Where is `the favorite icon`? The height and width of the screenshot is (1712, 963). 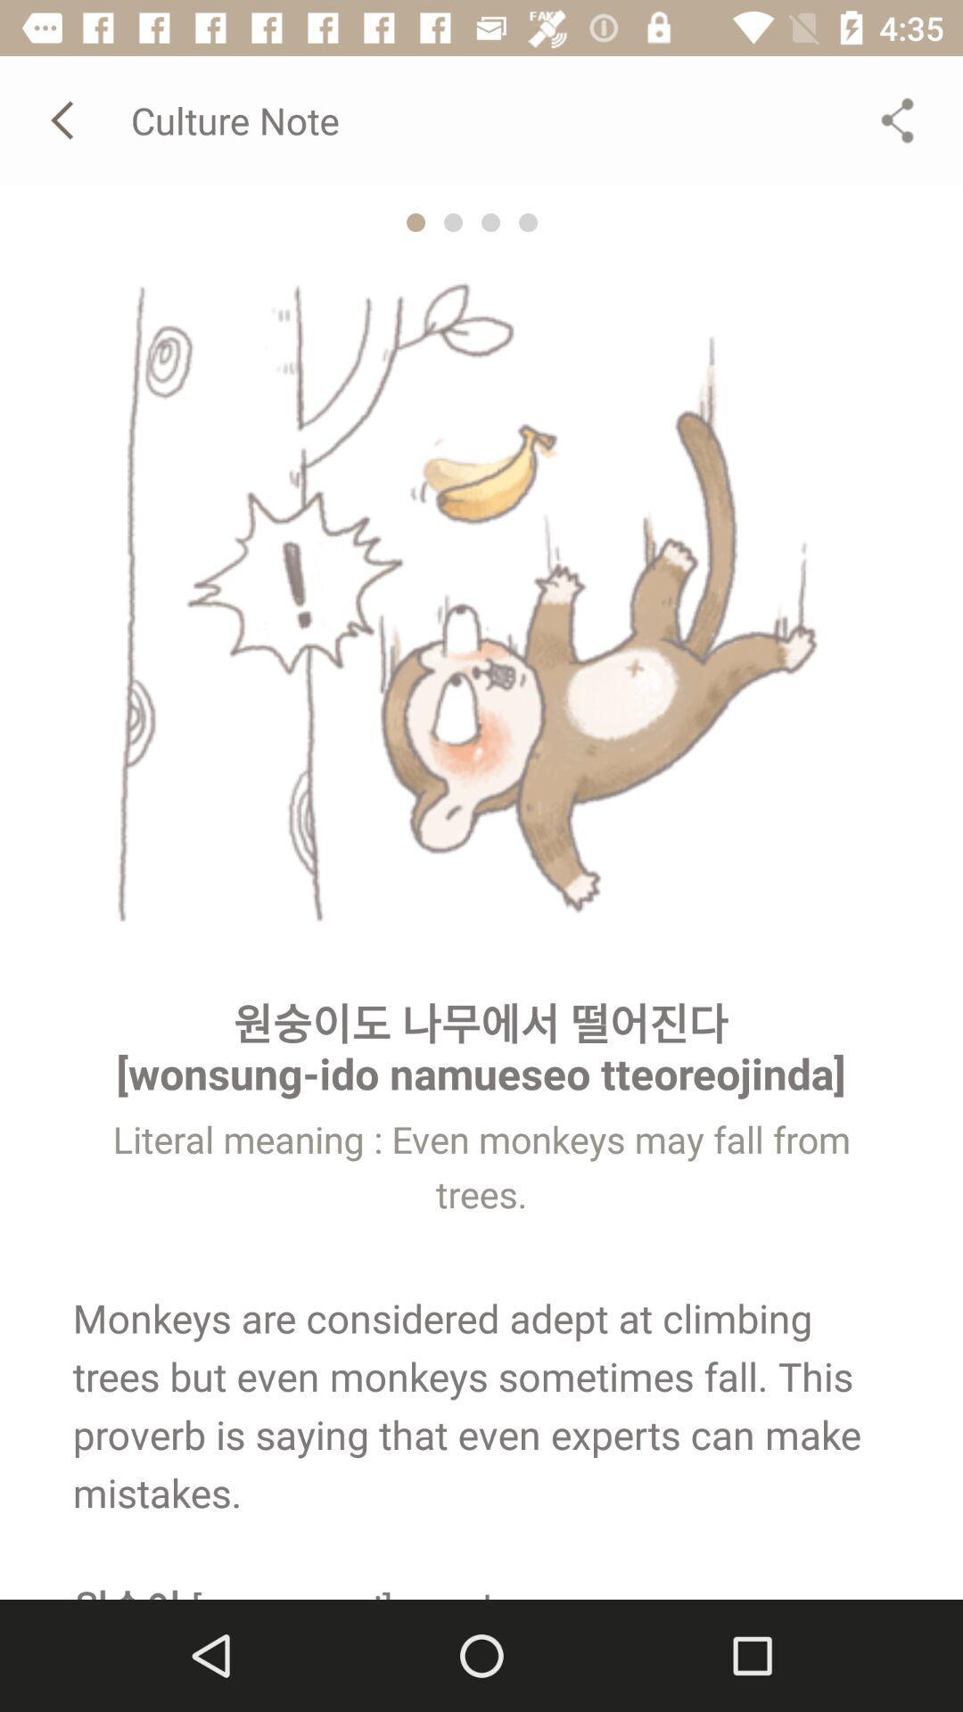
the favorite icon is located at coordinates (490, 221).